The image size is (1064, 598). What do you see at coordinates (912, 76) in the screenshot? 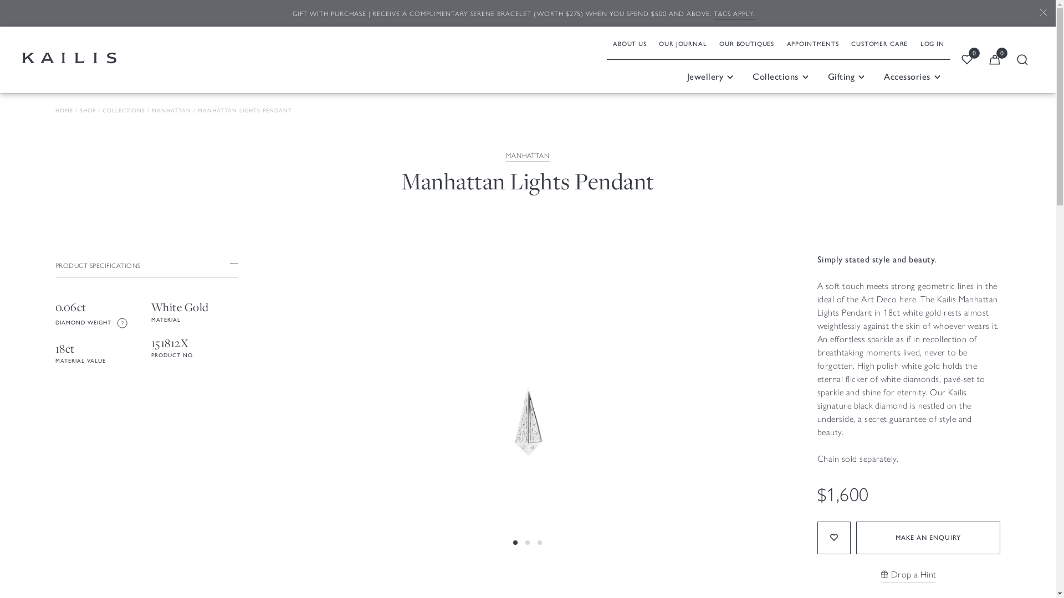
I see `'Accessories'` at bounding box center [912, 76].